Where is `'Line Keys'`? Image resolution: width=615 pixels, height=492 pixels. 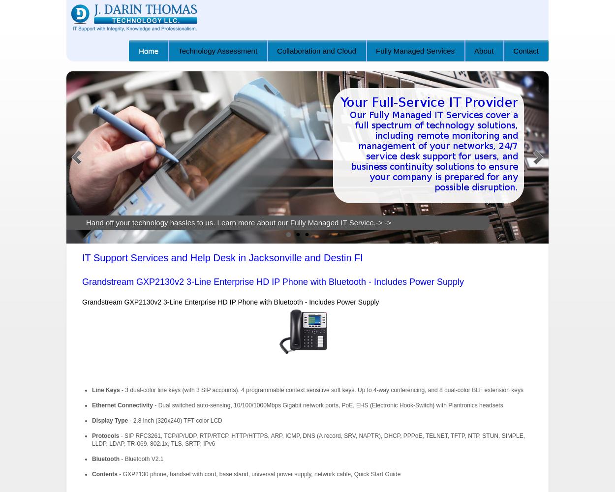
'Line Keys' is located at coordinates (105, 390).